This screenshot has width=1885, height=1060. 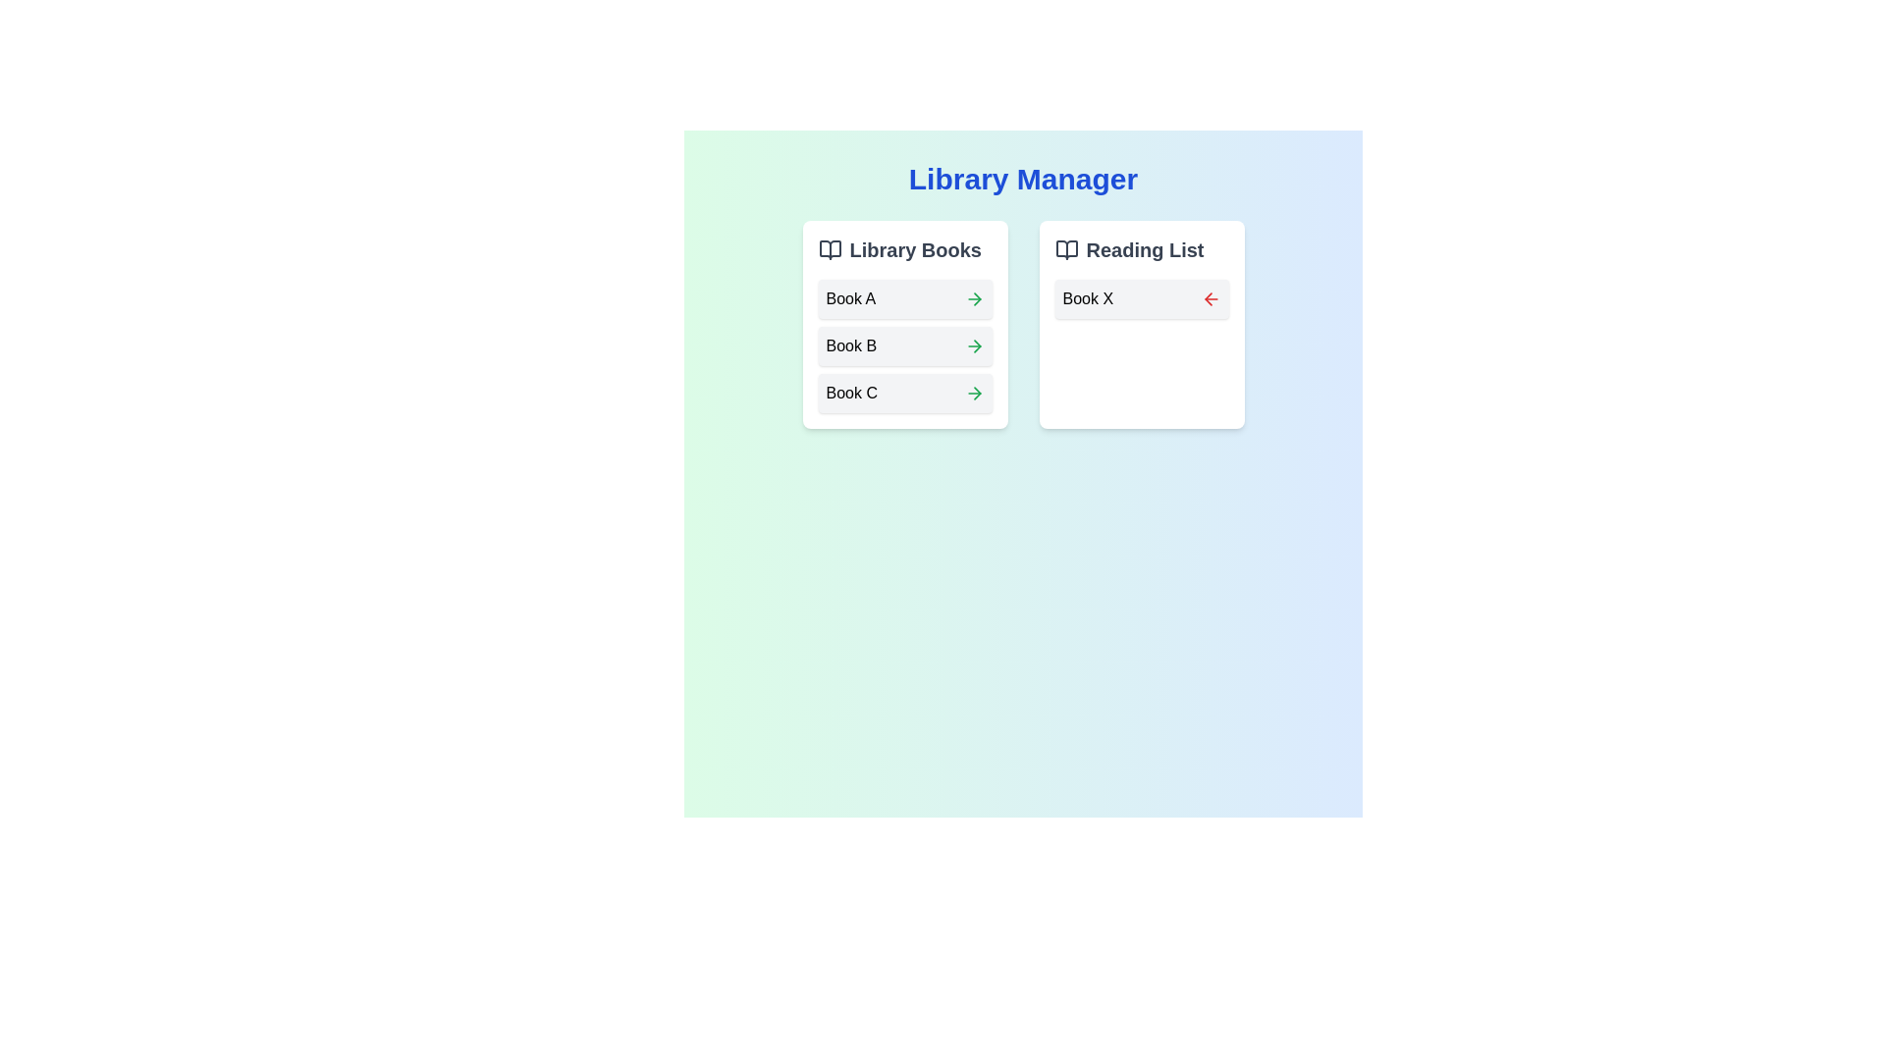 What do you see at coordinates (851, 394) in the screenshot?
I see `the text label displaying the caption 'Book C' in bold, black font, which is the third item in the vertical list under the 'Library Books' section` at bounding box center [851, 394].